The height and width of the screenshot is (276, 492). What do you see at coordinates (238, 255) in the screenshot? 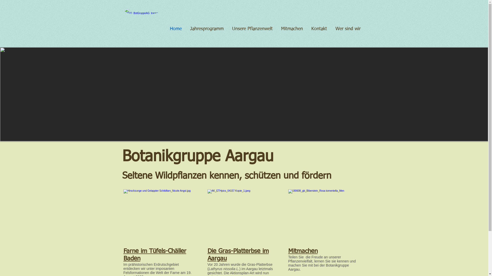
I see `'Die Gras-Platterbse im Aargau'` at bounding box center [238, 255].